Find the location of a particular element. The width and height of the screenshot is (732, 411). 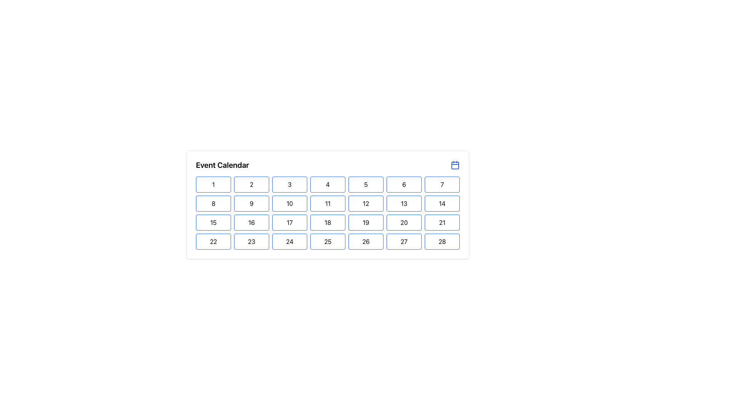

the button representing the second row and first column in the interactive calendar grid to change its appearance is located at coordinates (213, 203).